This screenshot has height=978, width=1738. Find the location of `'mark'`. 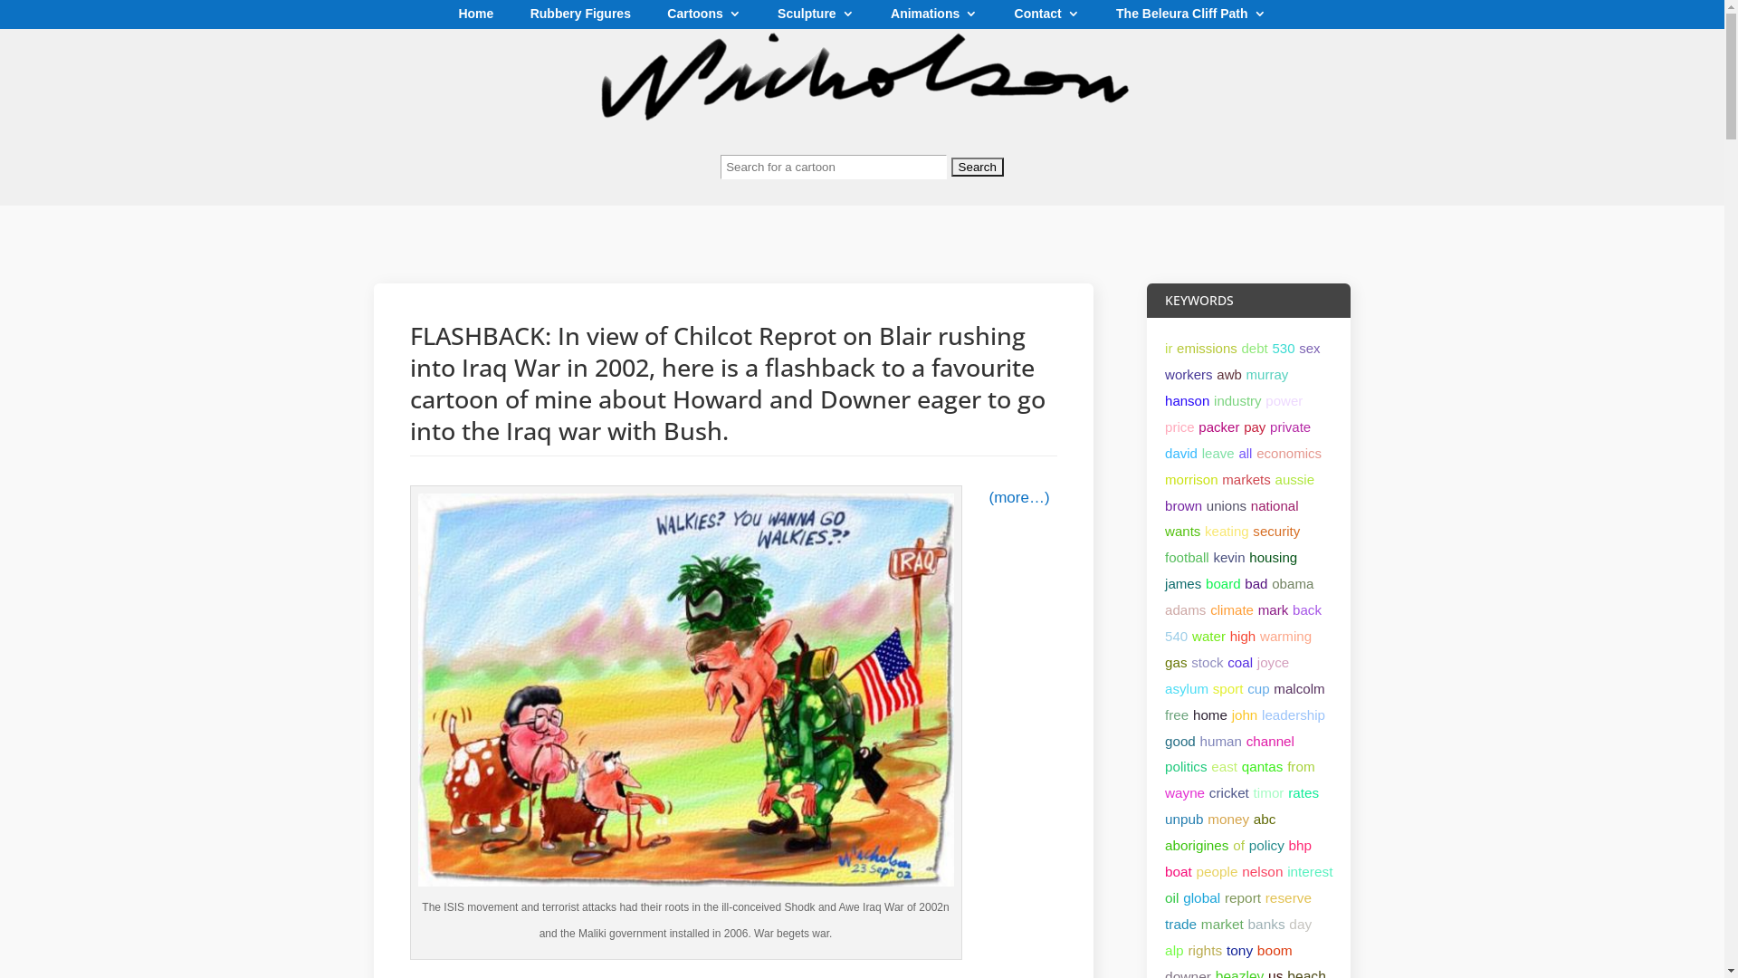

'mark' is located at coordinates (1272, 609).